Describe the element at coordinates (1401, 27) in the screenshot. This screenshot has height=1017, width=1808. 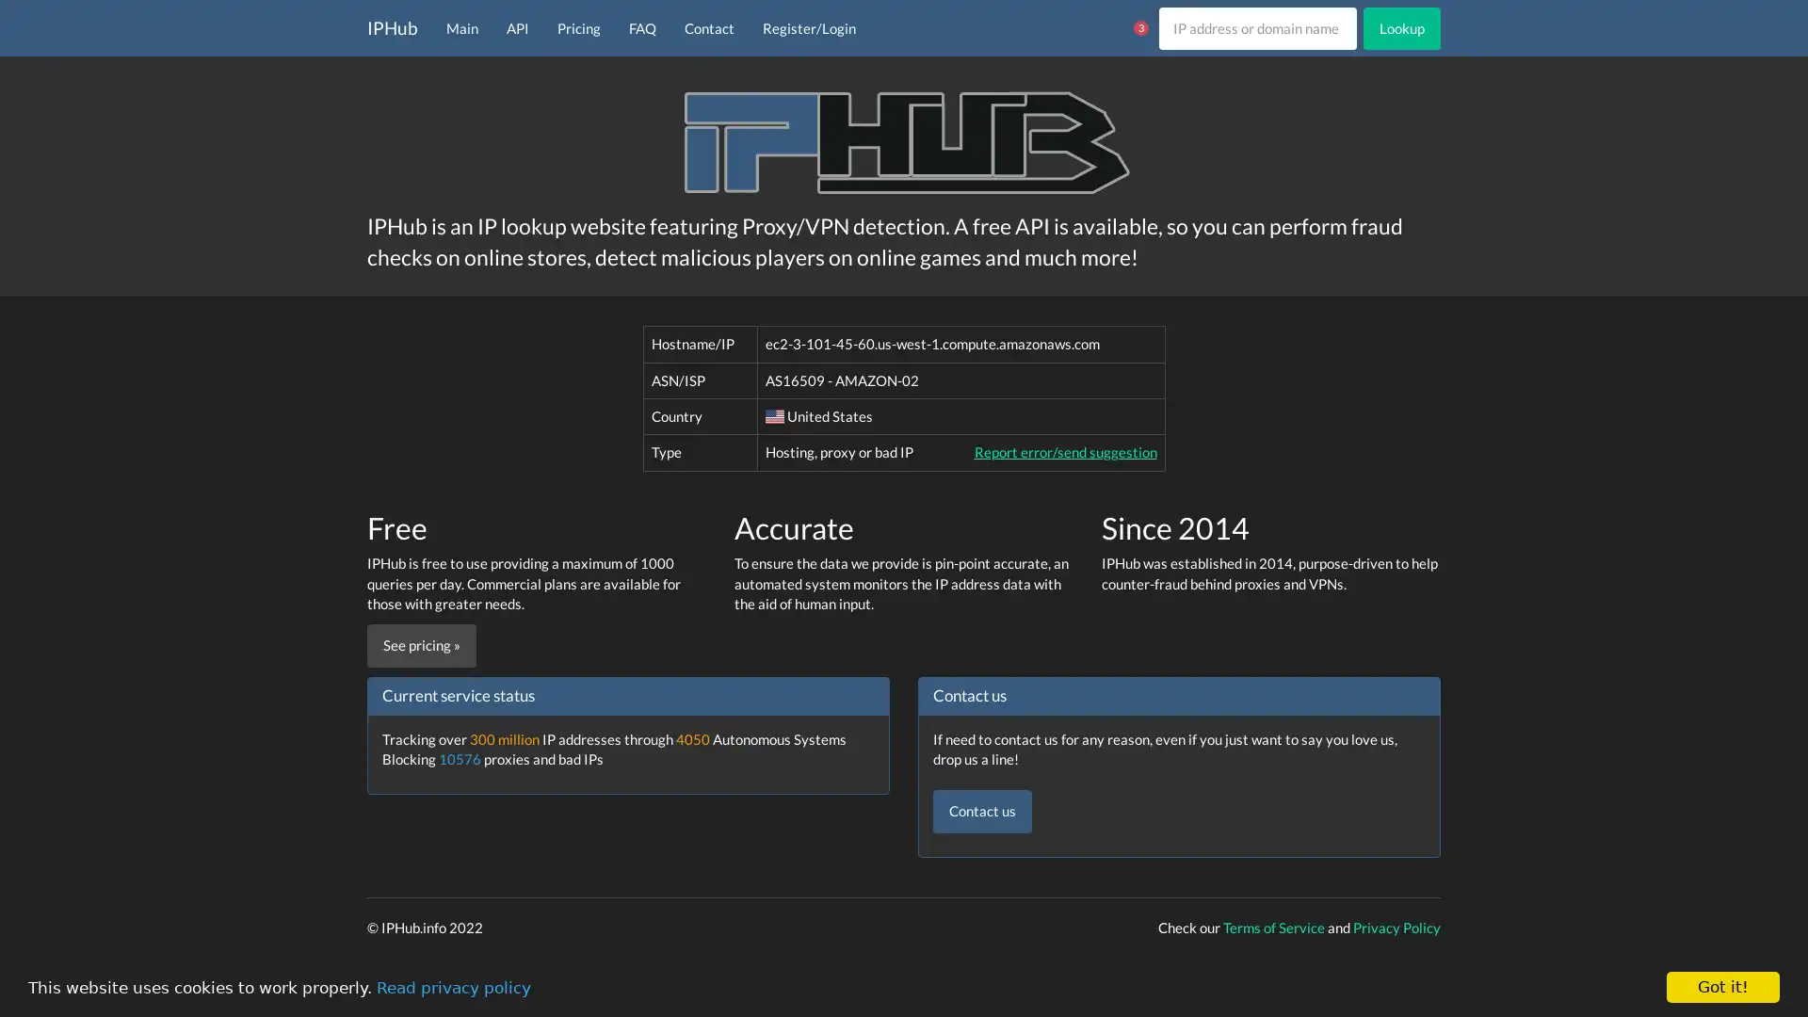
I see `Lookup` at that location.